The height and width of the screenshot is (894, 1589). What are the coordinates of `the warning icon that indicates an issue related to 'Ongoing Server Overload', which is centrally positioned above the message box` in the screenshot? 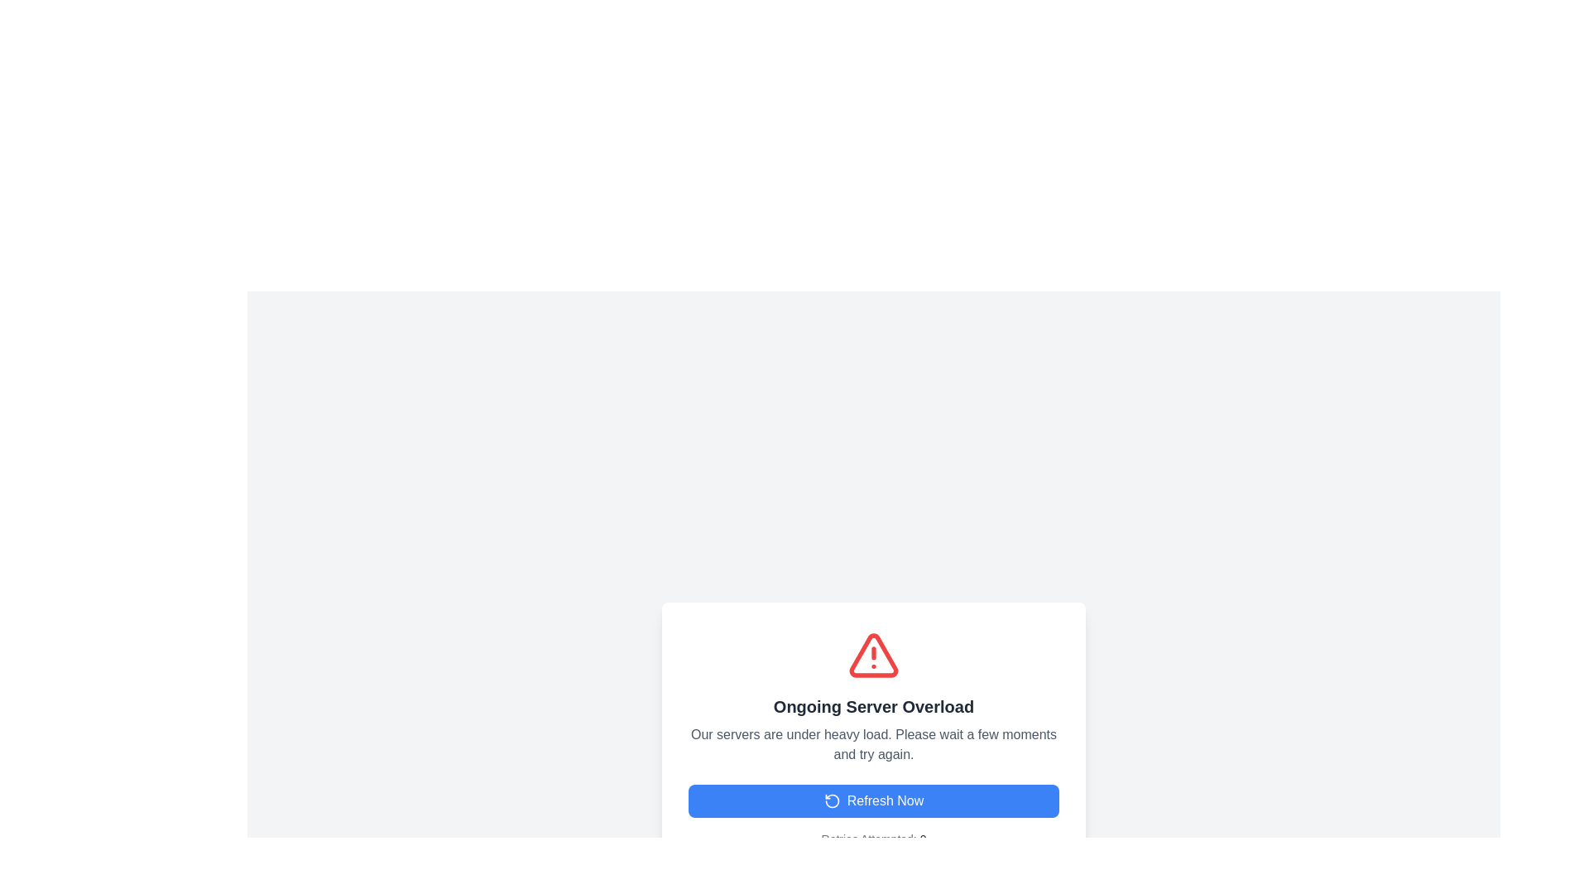 It's located at (873, 654).